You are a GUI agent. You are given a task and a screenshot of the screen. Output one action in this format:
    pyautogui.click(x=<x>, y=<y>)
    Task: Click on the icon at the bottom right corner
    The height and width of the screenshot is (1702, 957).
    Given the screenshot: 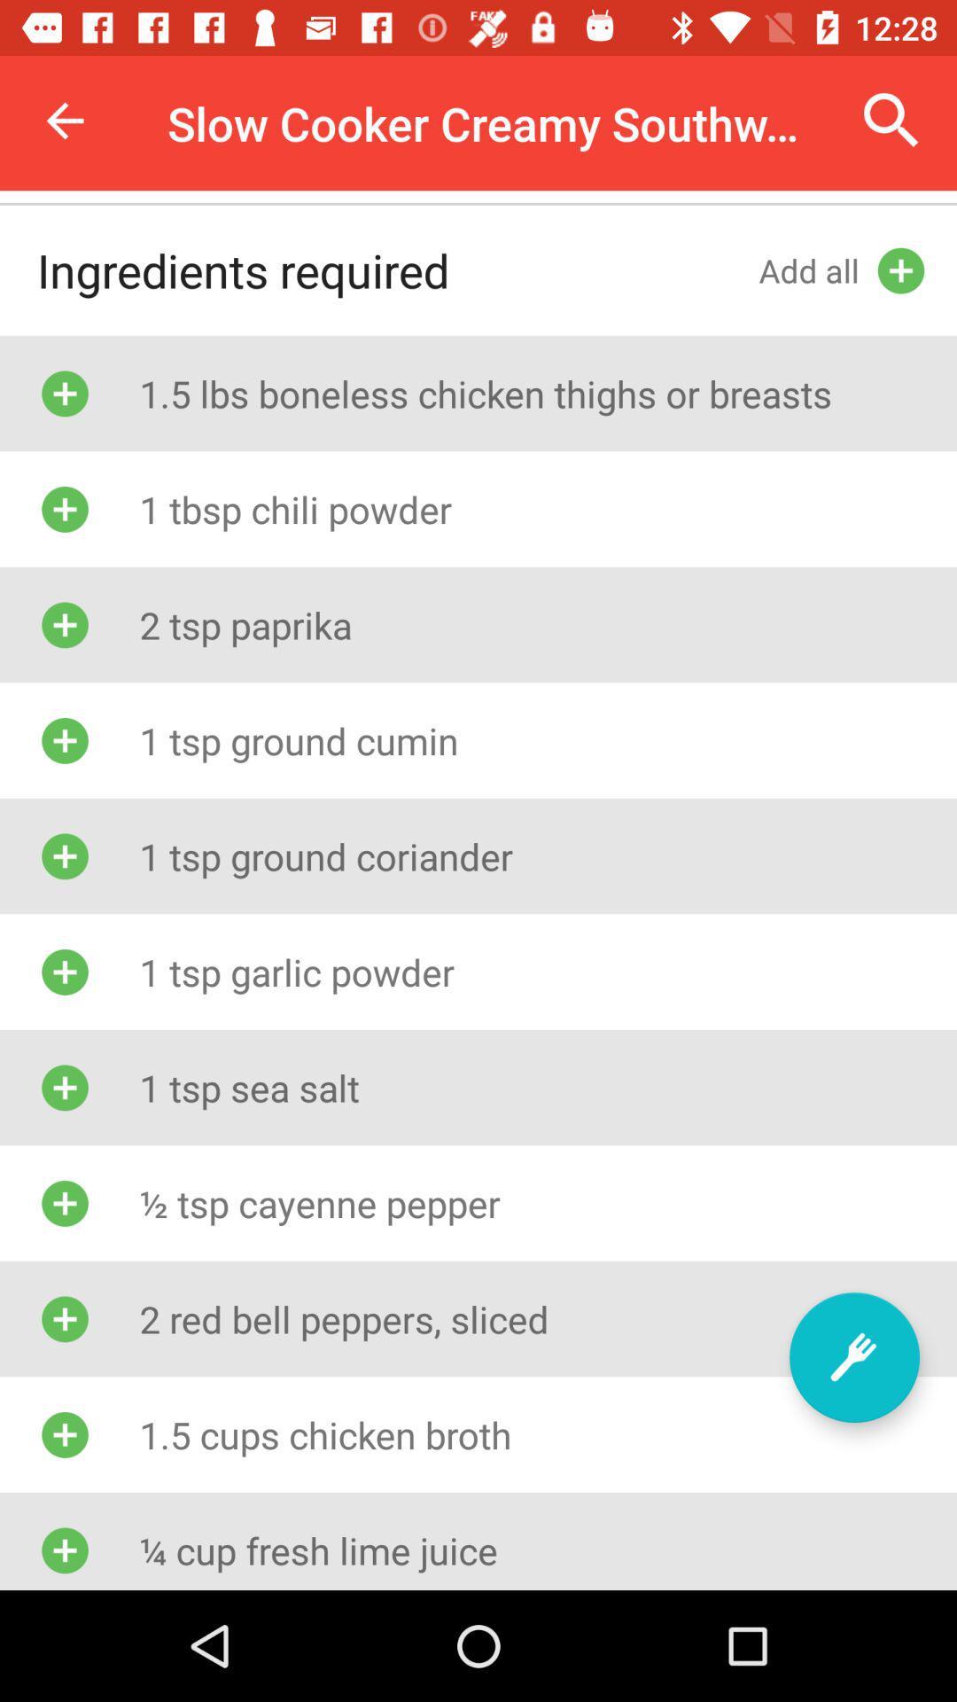 What is the action you would take?
    pyautogui.click(x=853, y=1356)
    